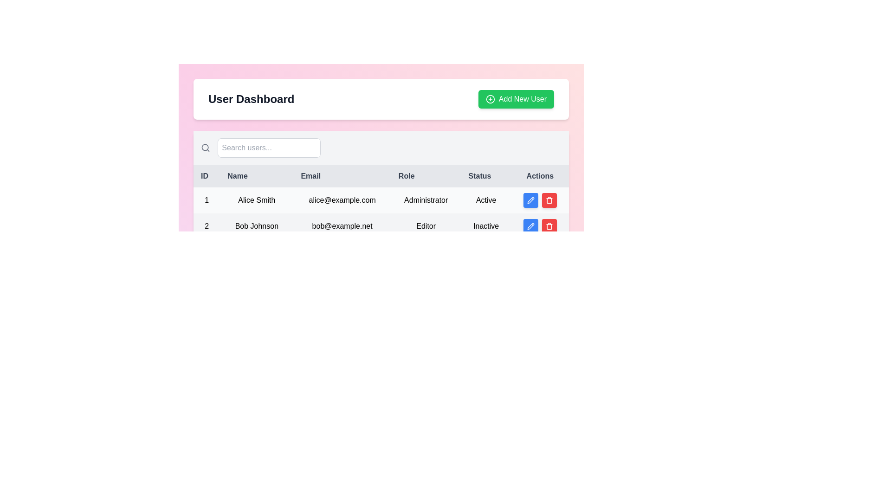 The image size is (891, 501). What do you see at coordinates (206, 226) in the screenshot?
I see `the Text label displaying the ID number of an entry in the first cell of the second row of the table` at bounding box center [206, 226].